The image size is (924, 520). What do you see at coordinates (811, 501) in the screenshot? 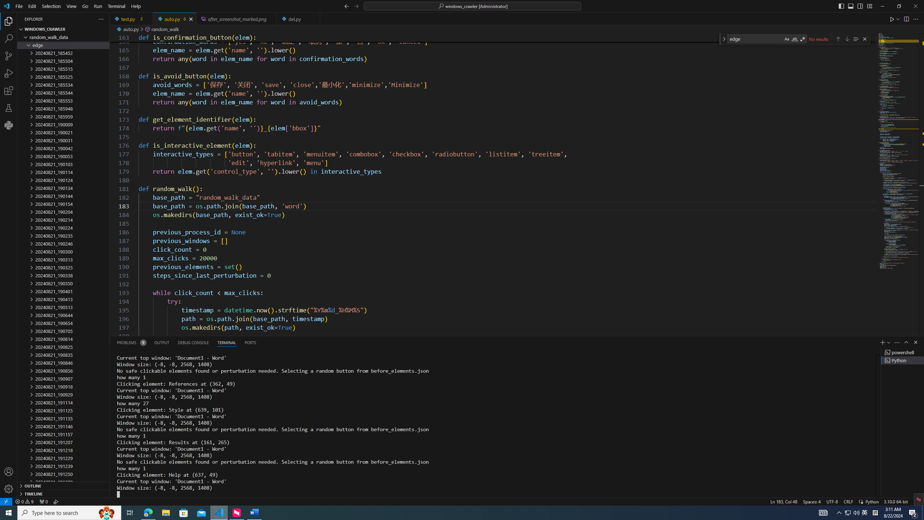
I see `'Spaces: 4'` at bounding box center [811, 501].